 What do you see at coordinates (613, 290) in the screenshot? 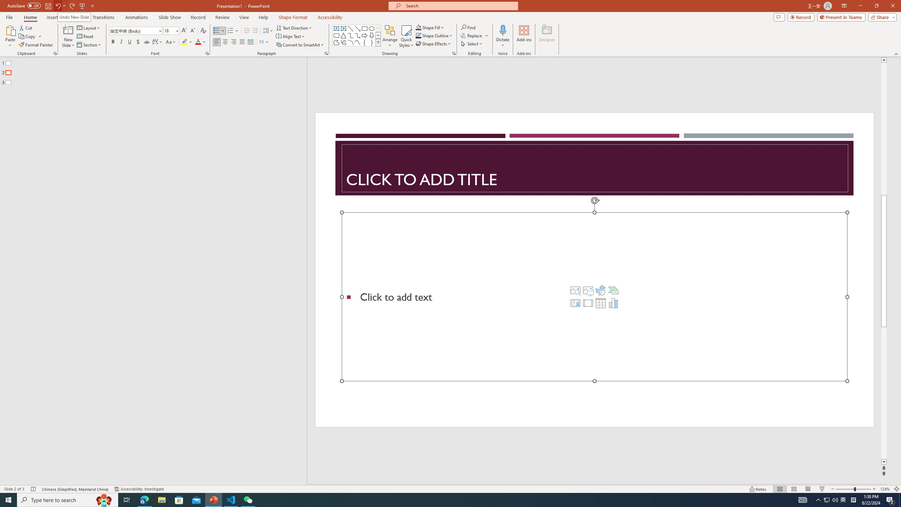
I see `'Insert a SmartArt Graphic'` at bounding box center [613, 290].